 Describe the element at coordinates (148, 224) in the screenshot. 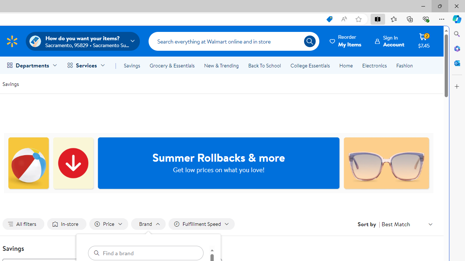

I see `'Filter by Brand not applied, activate to change'` at that location.